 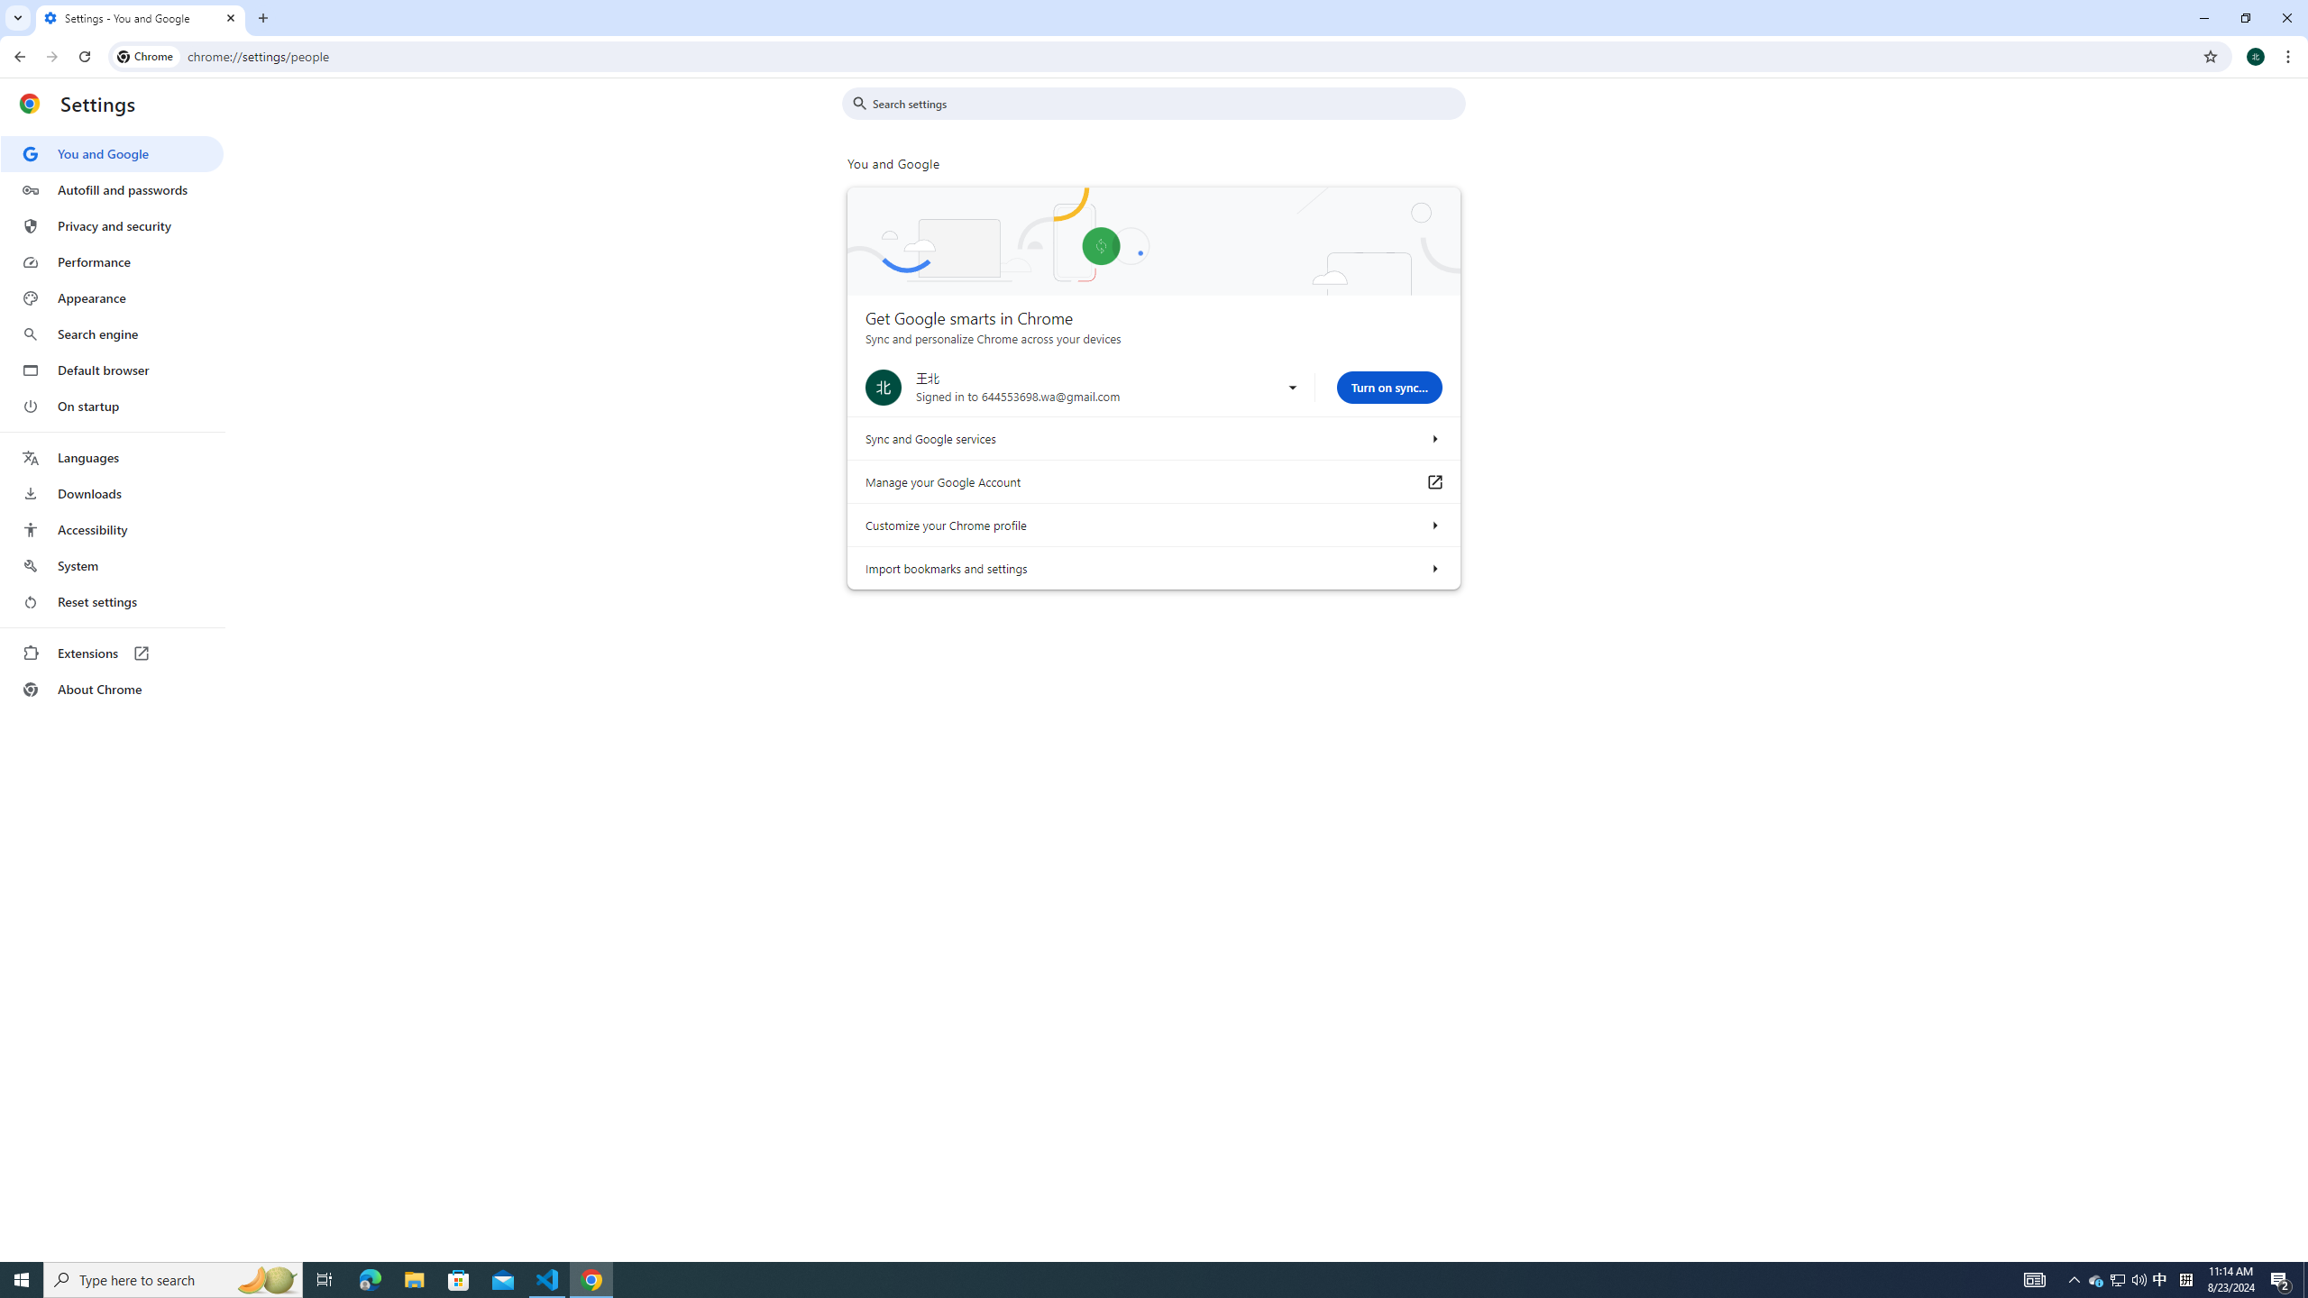 What do you see at coordinates (111, 601) in the screenshot?
I see `'Reset settings'` at bounding box center [111, 601].